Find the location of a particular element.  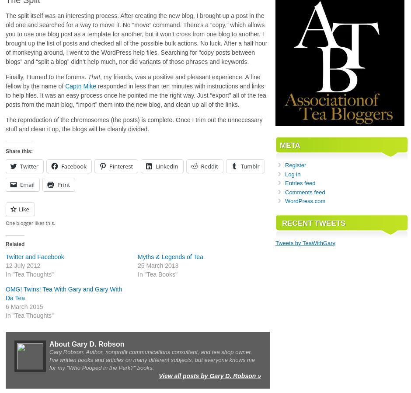

'Register' is located at coordinates (295, 165).